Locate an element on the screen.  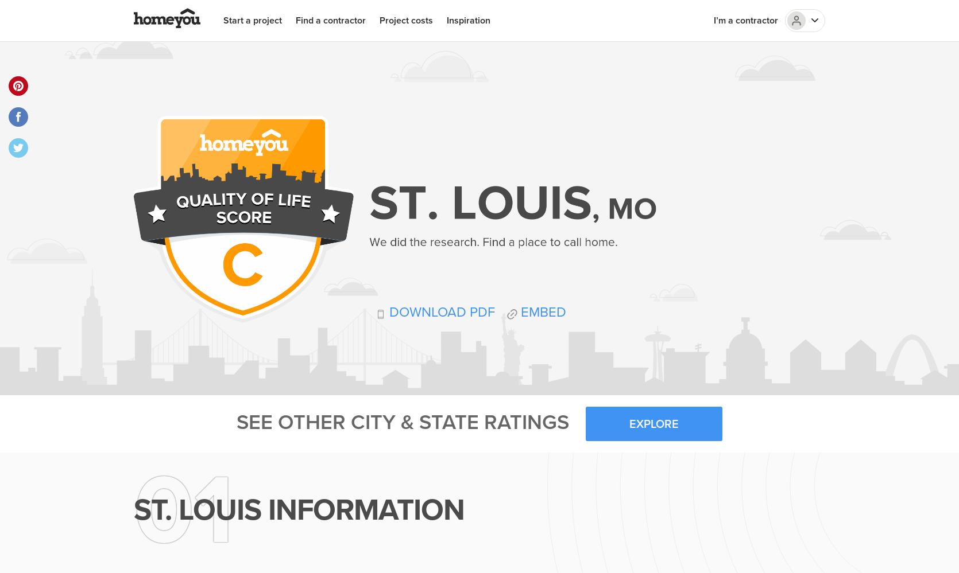
'Start a project' is located at coordinates (223, 20).